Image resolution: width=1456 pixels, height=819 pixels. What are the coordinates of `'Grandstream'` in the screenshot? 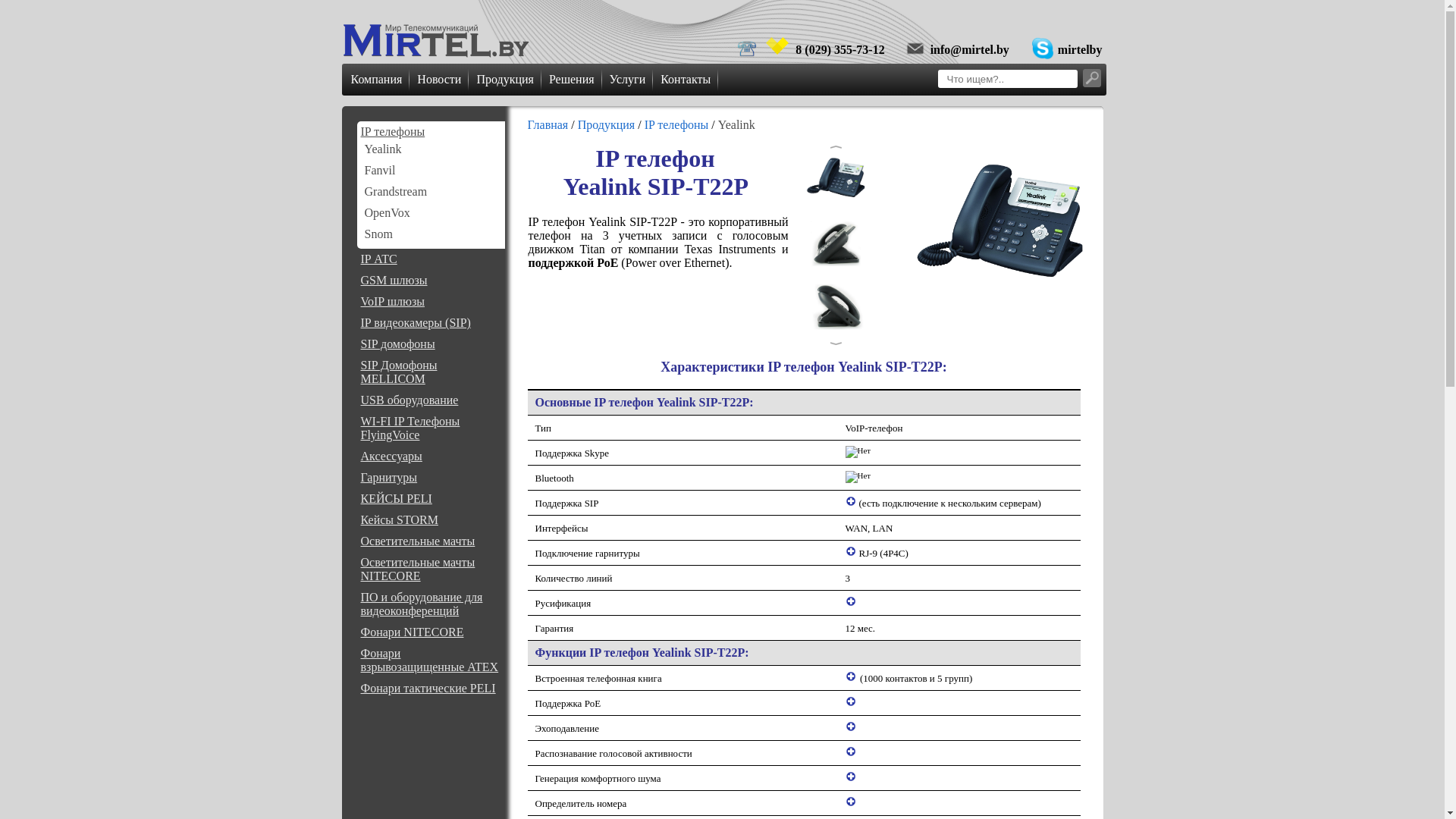 It's located at (395, 190).